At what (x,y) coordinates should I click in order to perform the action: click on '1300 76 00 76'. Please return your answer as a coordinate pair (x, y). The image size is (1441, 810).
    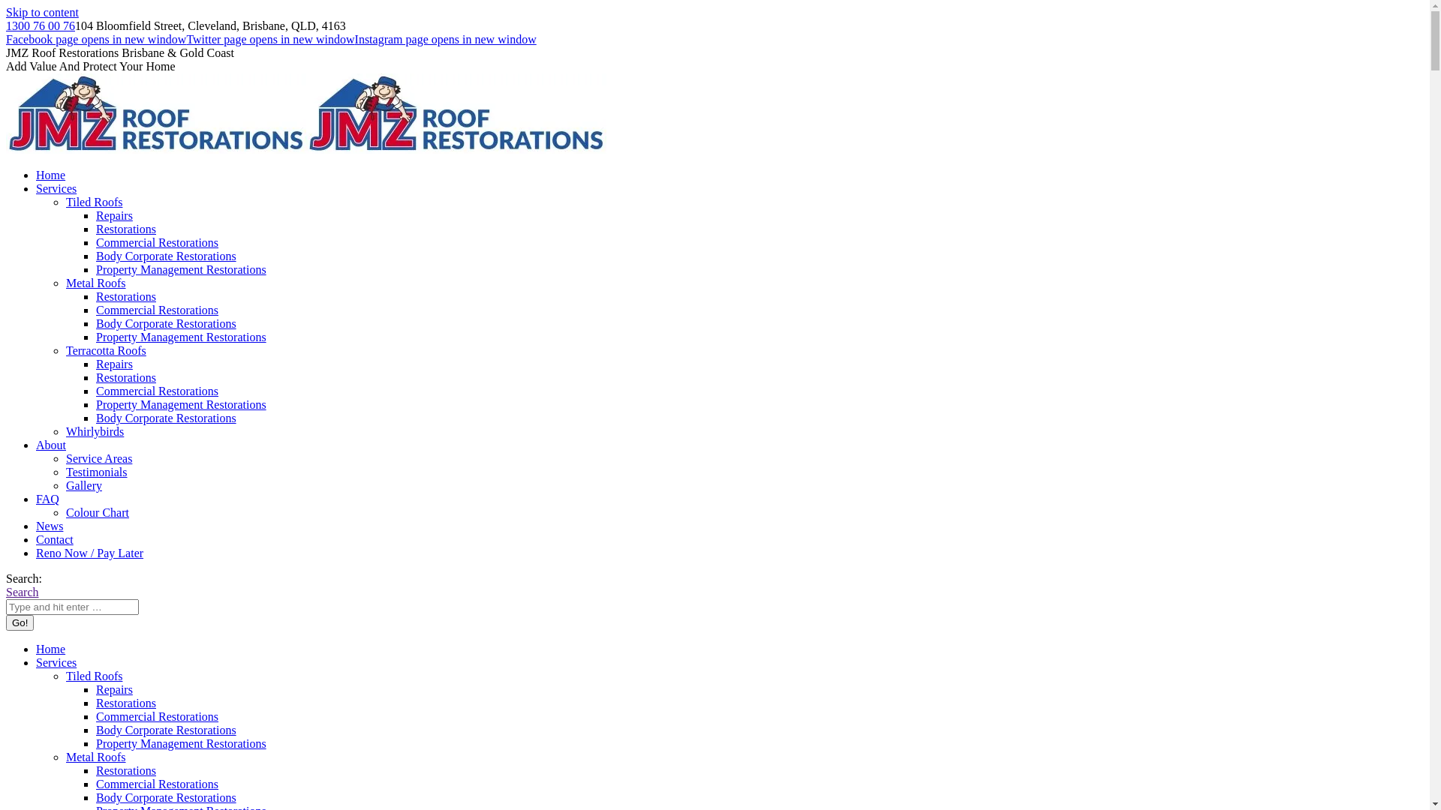
    Looking at the image, I should click on (6, 25).